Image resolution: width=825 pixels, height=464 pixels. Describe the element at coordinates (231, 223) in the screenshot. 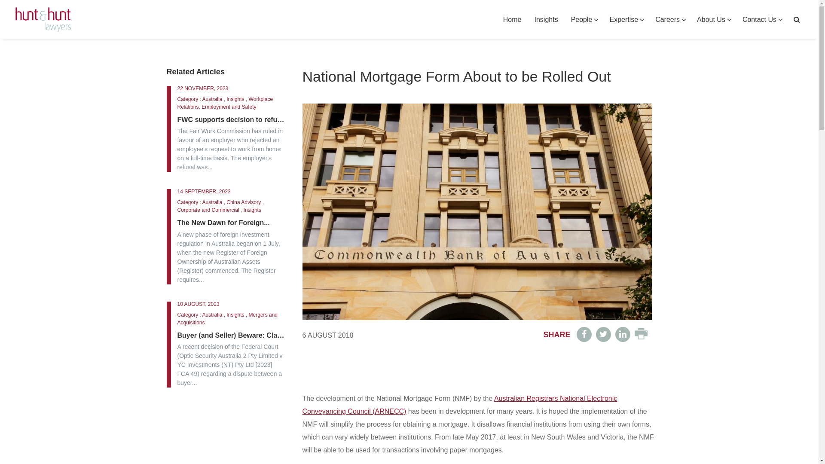

I see `'The New Dawn for Foreign...'` at that location.